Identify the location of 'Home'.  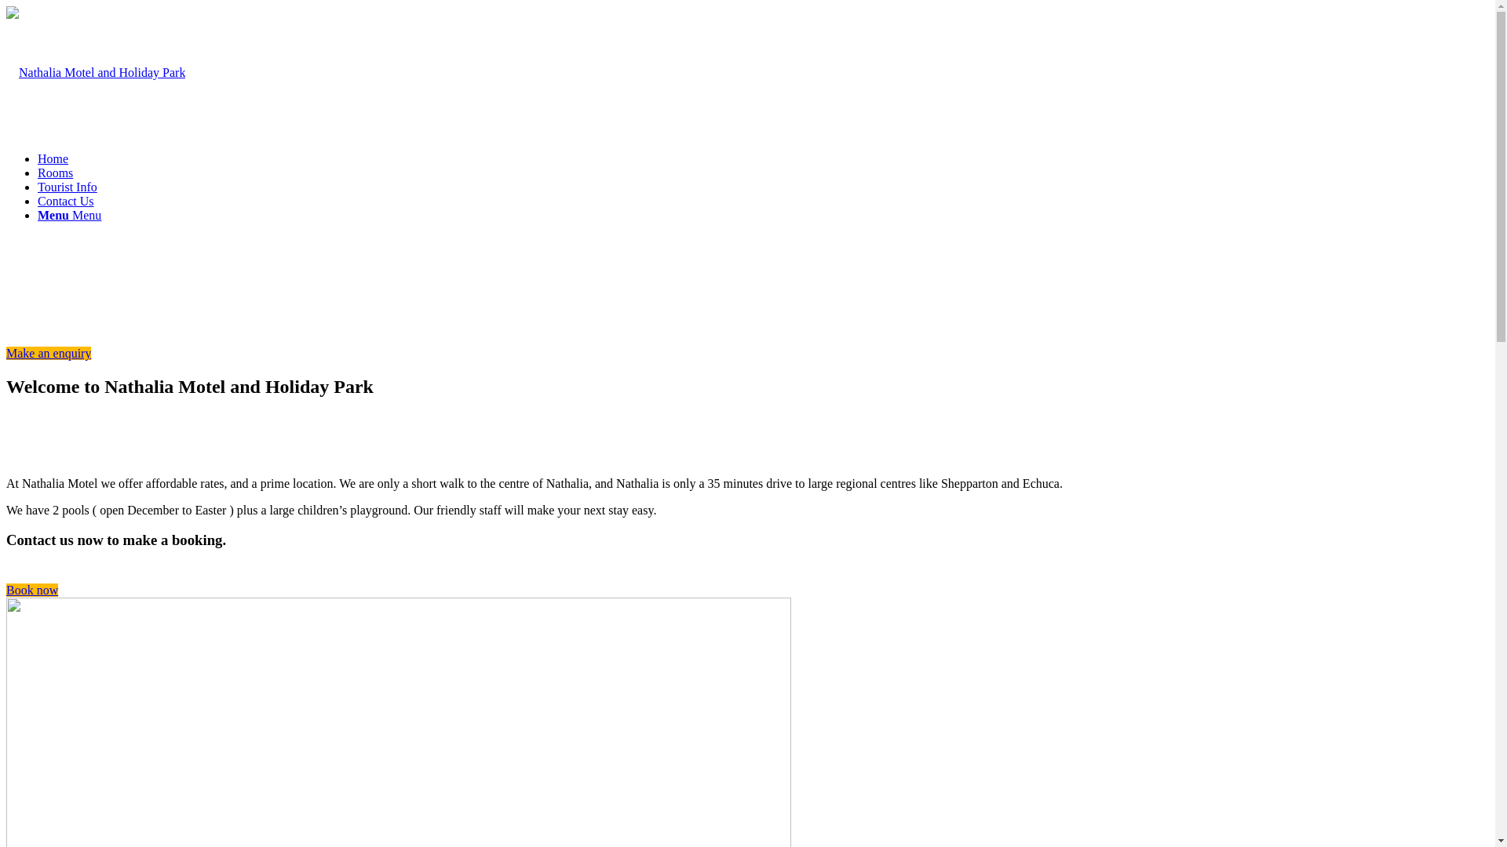
(53, 158).